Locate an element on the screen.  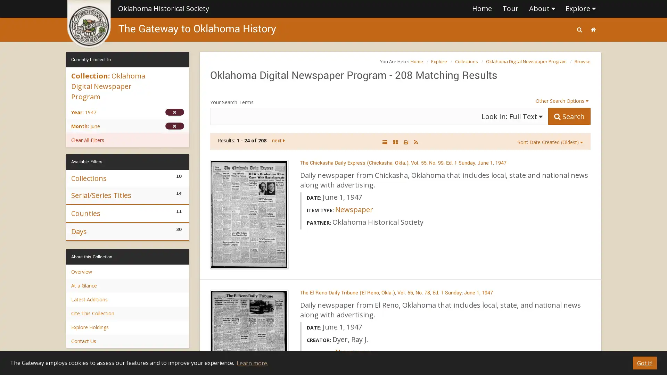
Print This Result Page is located at coordinates (406, 141).